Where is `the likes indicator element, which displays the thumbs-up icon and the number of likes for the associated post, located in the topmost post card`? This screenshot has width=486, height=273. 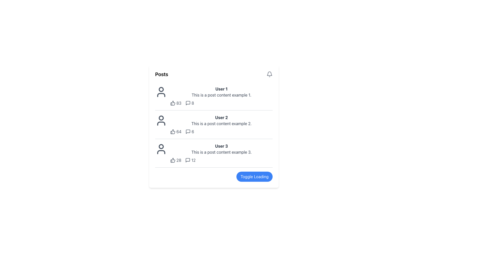
the likes indicator element, which displays the thumbs-up icon and the number of likes for the associated post, located in the topmost post card is located at coordinates (176, 103).